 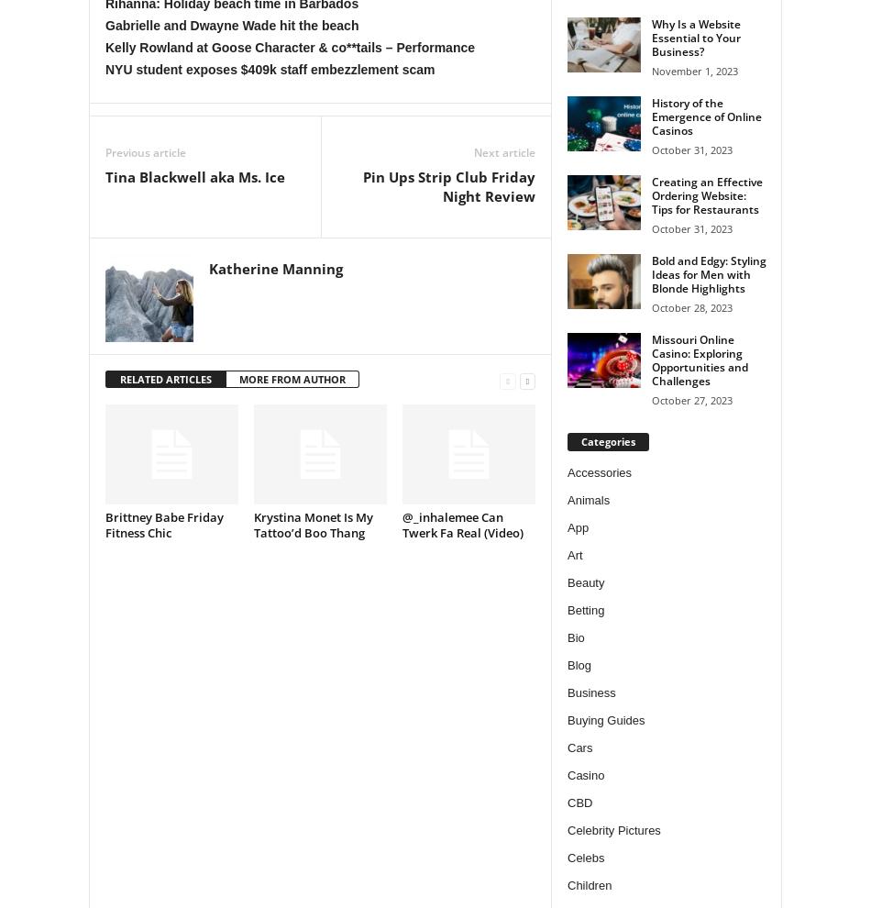 I want to click on 'Why Is a Website Essential to Your Business?', so click(x=695, y=37).